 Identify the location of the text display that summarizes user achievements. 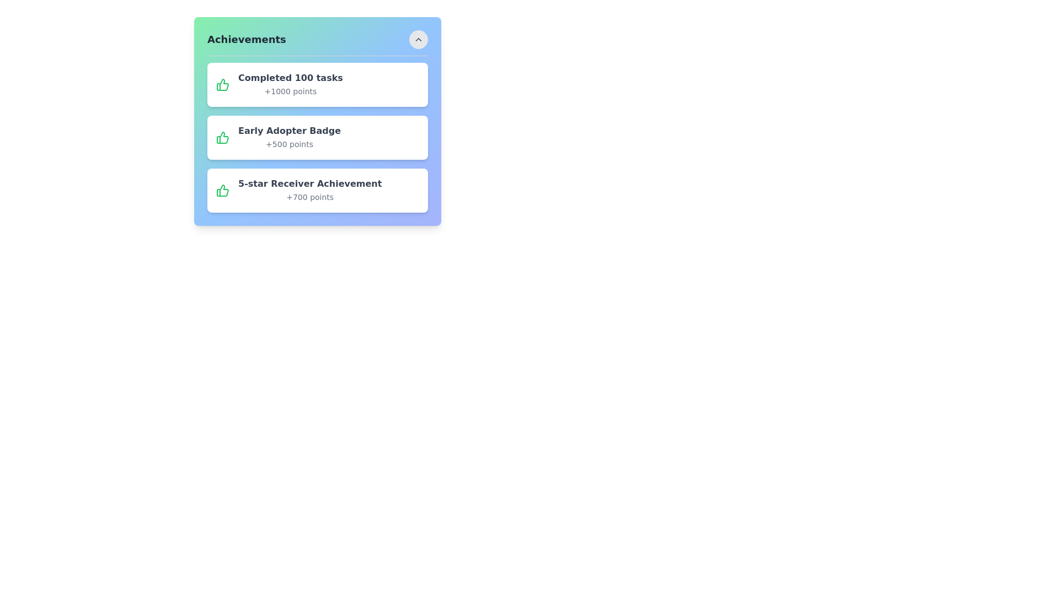
(290, 84).